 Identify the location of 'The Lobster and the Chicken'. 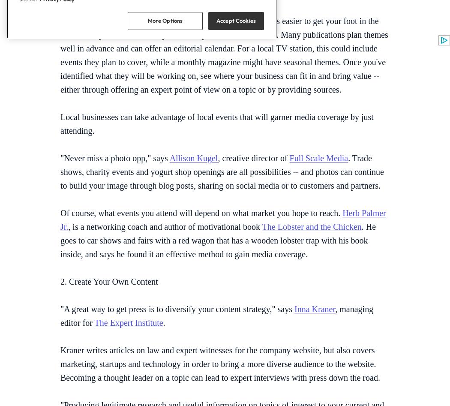
(311, 226).